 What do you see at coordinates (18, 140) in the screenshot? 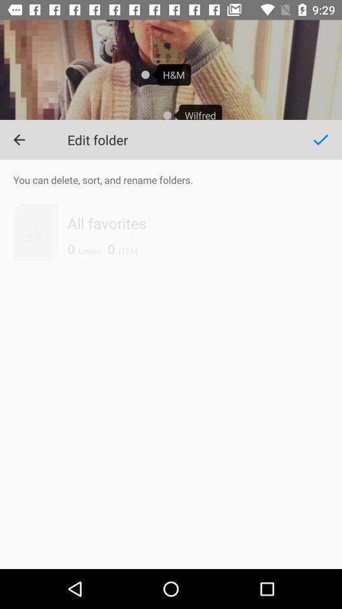
I see `the arrow_backward icon` at bounding box center [18, 140].